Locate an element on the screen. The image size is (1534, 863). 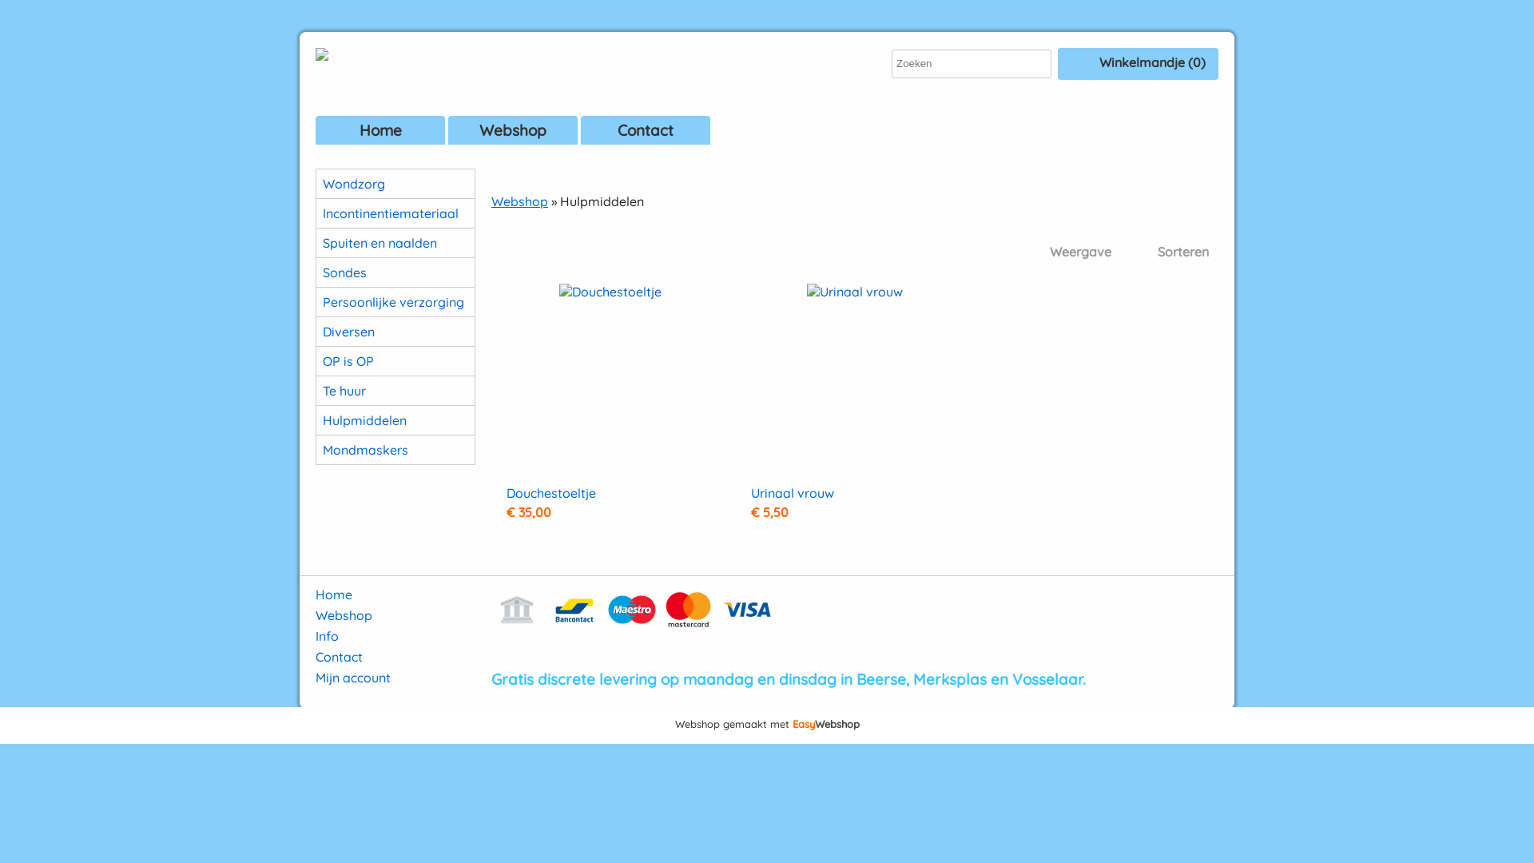
'Webshop' is located at coordinates (519, 200).